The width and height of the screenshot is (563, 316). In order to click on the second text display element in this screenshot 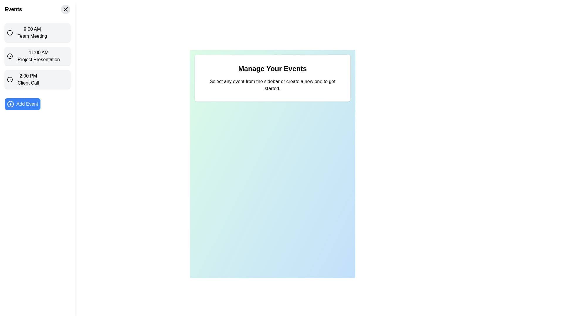, I will do `click(38, 56)`.